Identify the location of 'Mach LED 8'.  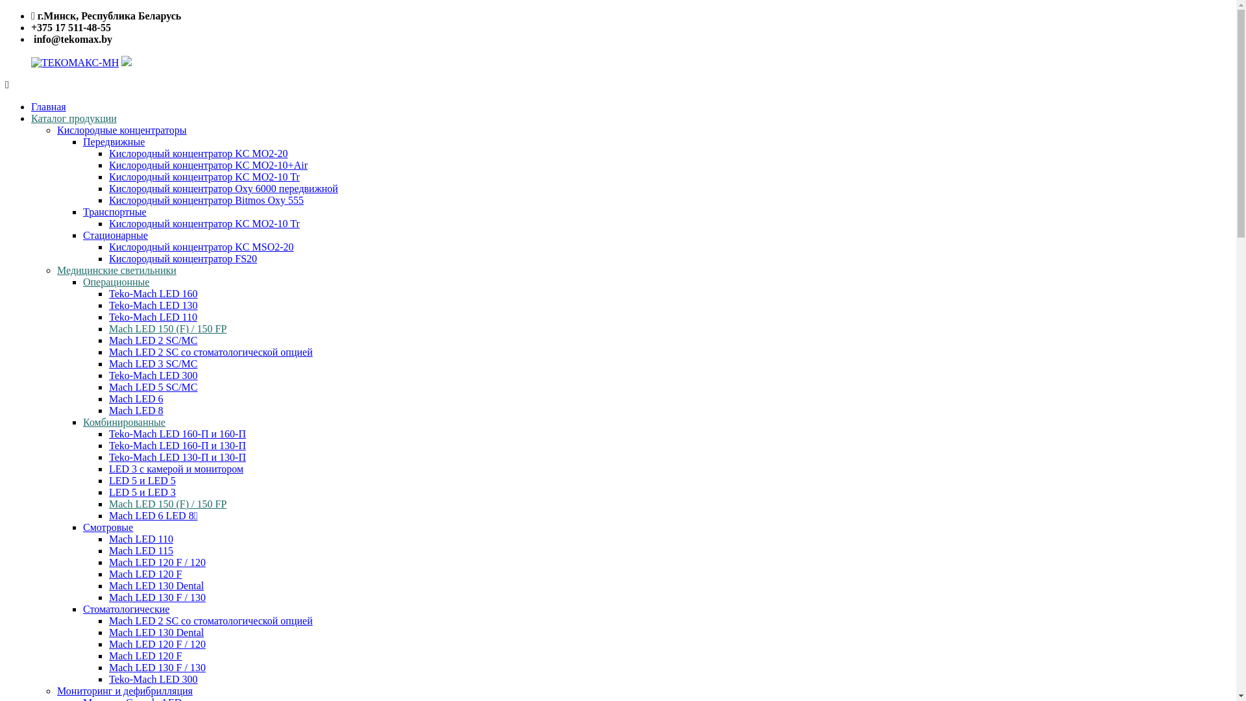
(136, 410).